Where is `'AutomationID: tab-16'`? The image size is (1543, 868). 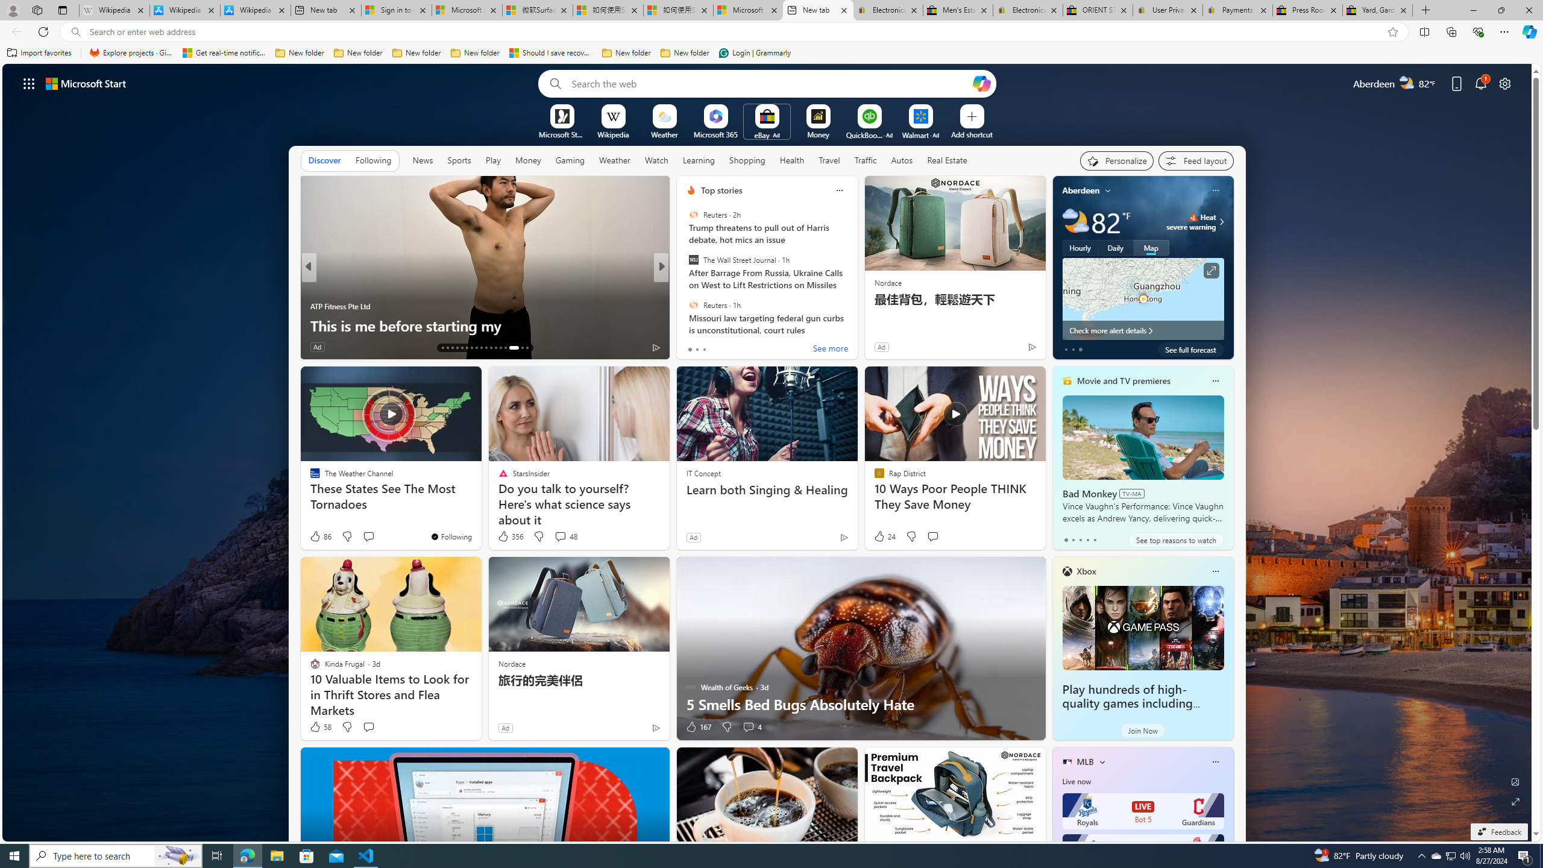 'AutomationID: tab-16' is located at coordinates (457, 348).